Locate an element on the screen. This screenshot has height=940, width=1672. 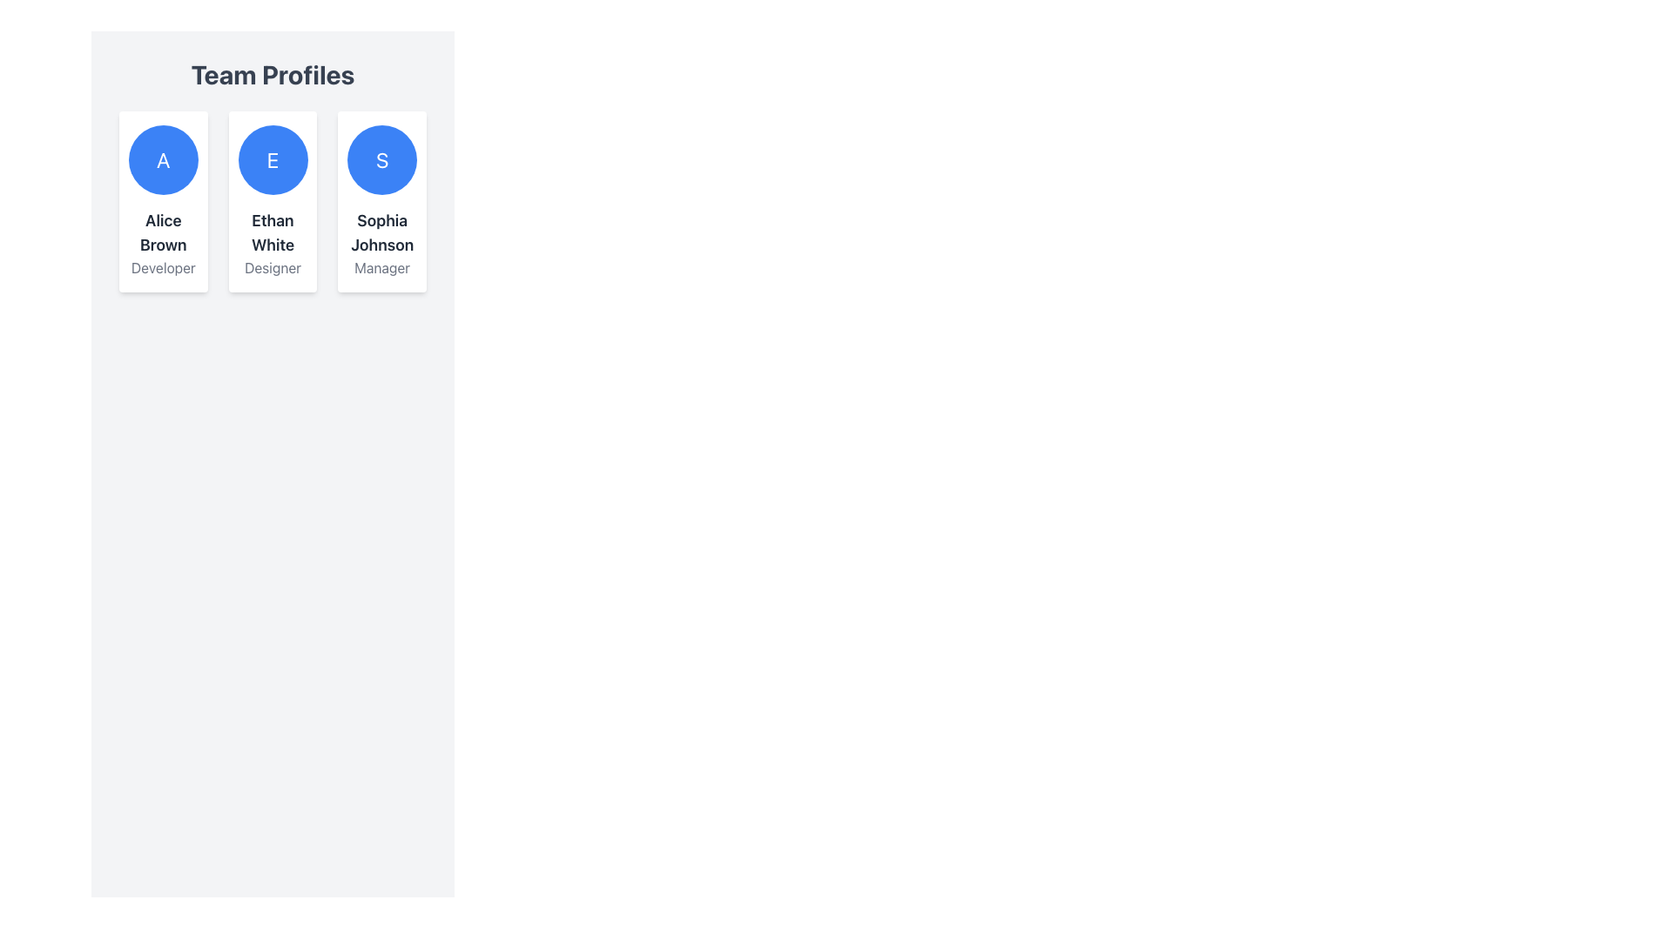
text content of the text label displaying 'Alice Brown' in bold, large font, located in the profile card below the avatar and above the 'Developer' label is located at coordinates (163, 232).